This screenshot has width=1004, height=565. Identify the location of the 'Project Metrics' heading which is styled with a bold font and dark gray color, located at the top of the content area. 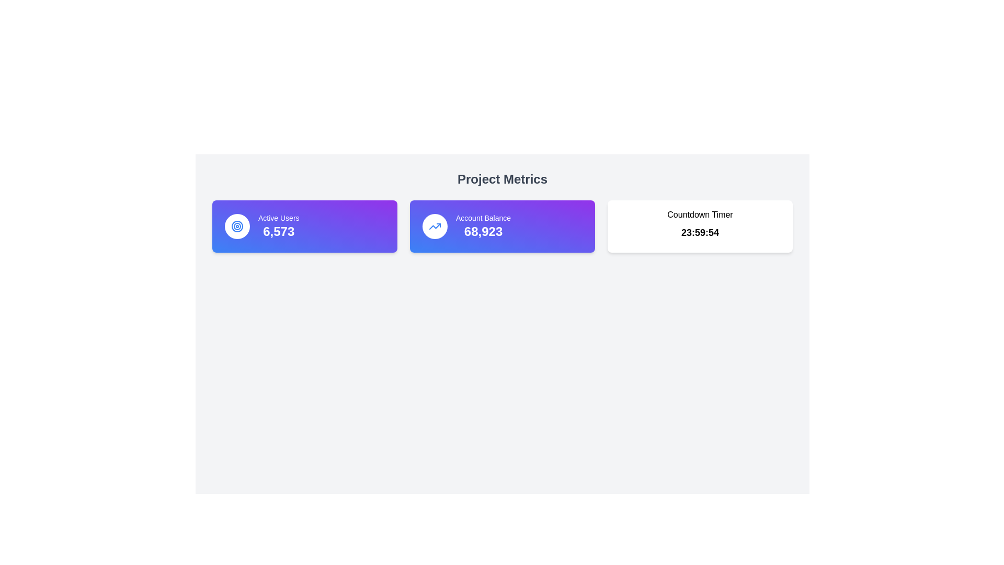
(502, 179).